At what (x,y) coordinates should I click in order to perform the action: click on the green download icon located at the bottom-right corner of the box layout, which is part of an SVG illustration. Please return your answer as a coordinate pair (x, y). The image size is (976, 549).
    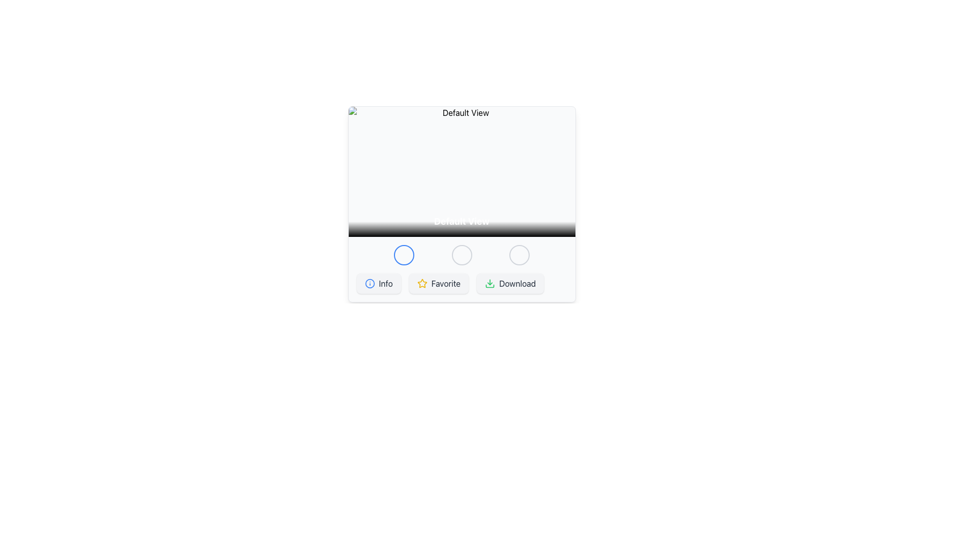
    Looking at the image, I should click on (490, 286).